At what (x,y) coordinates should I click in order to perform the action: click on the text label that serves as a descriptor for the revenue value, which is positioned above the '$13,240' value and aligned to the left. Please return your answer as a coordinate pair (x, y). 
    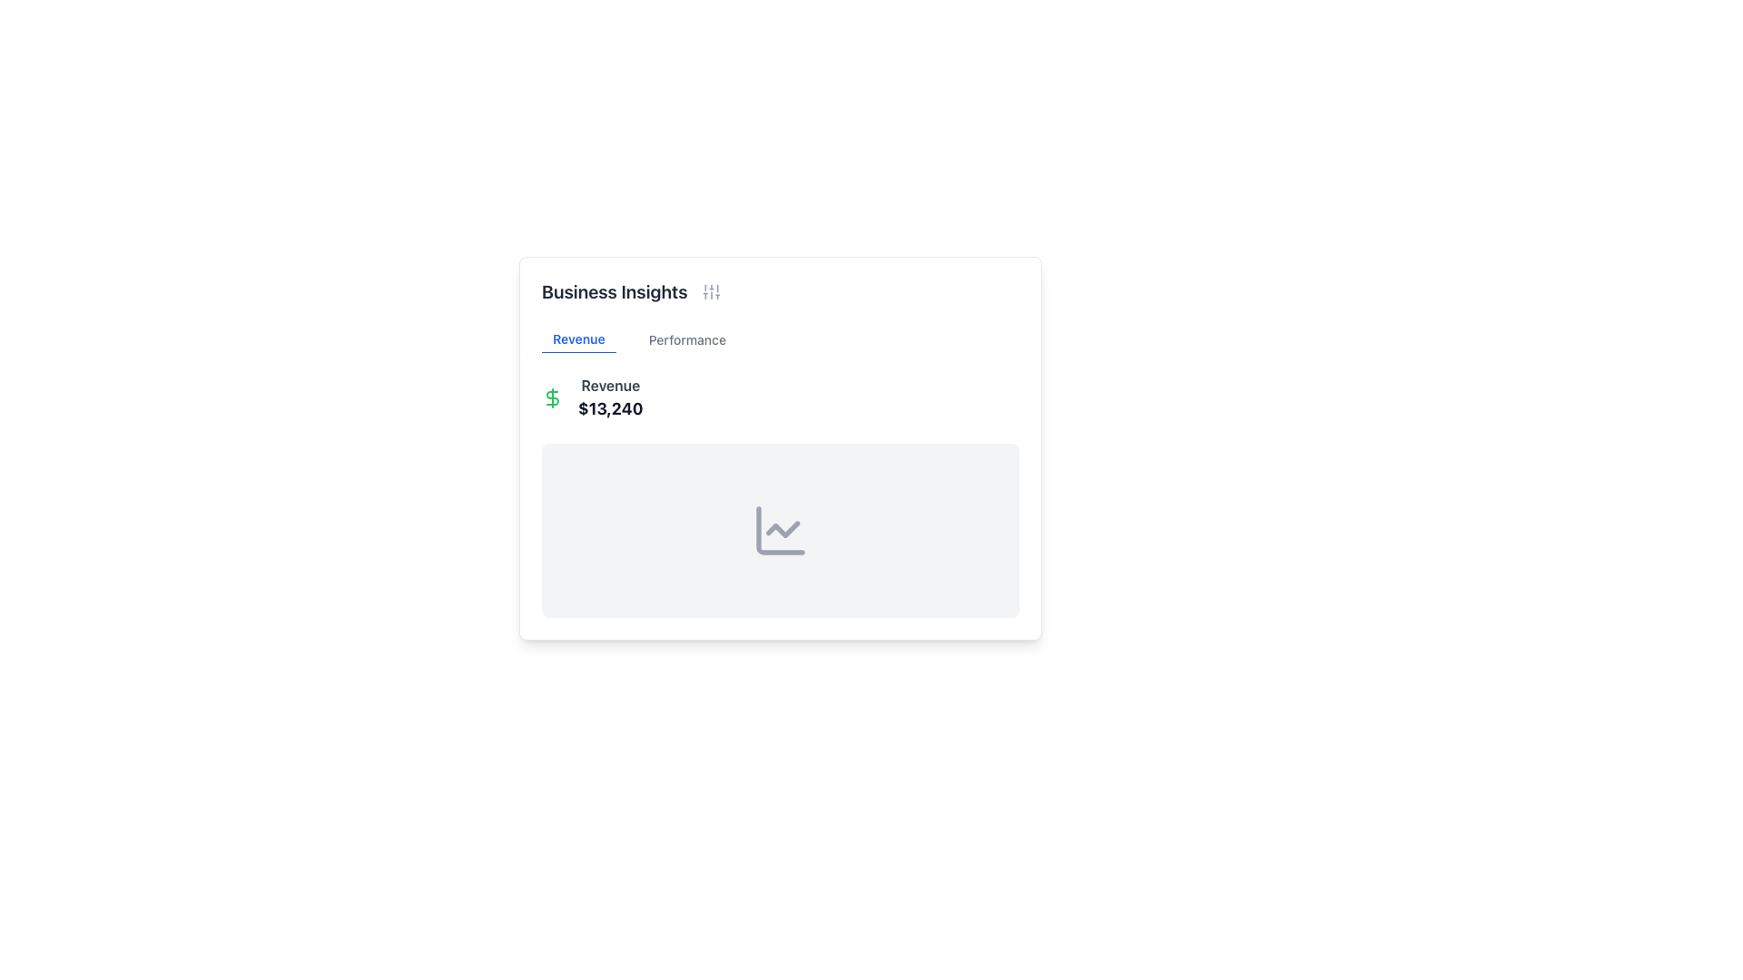
    Looking at the image, I should click on (610, 384).